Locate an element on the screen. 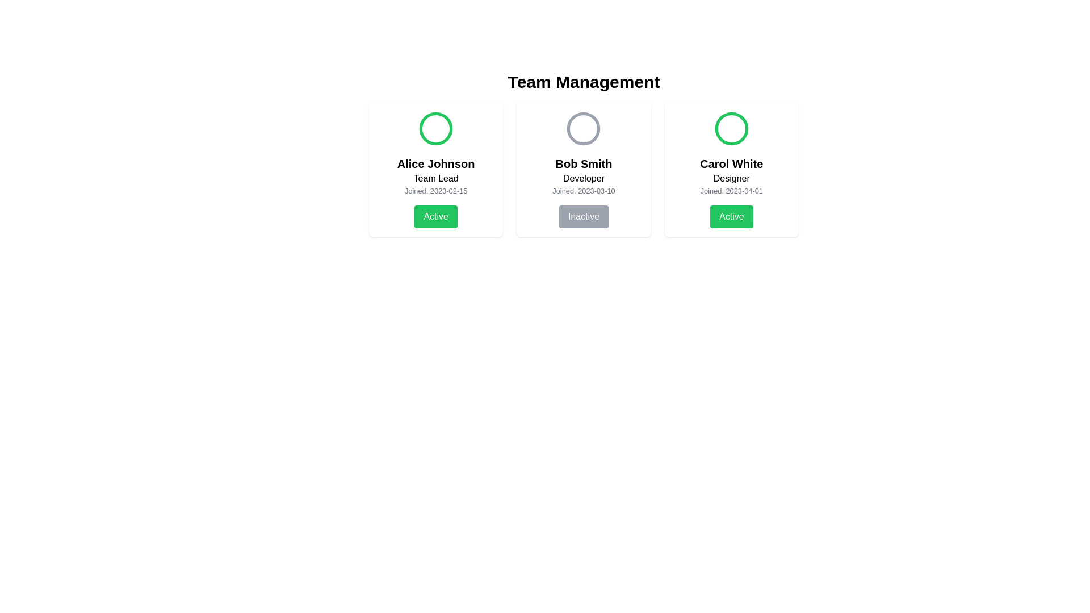 This screenshot has height=613, width=1090. the static text label displaying the joining date of the user 'Carol White', positioned below the 'Designer' role label and above the 'Active' status button in the profile card is located at coordinates (731, 190).